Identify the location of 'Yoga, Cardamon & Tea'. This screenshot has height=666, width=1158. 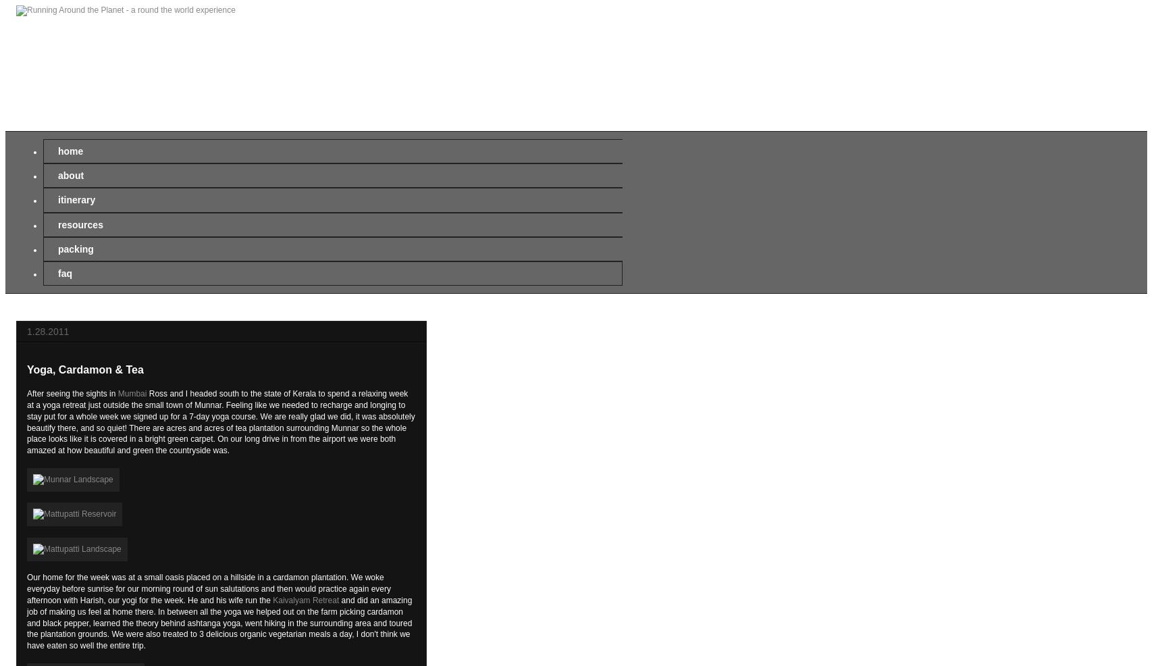
(26, 369).